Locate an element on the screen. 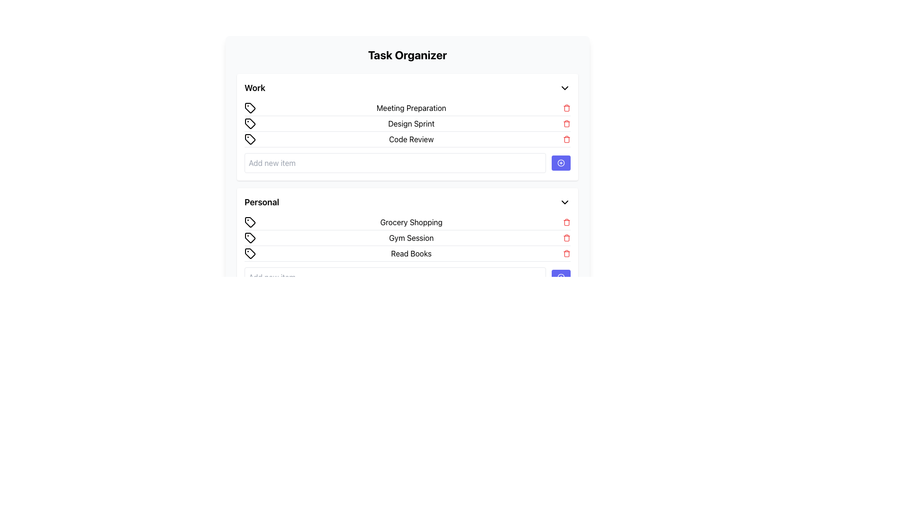 Image resolution: width=910 pixels, height=512 pixels. and drop the text input field and button in the 'Personal' section of the task management interface is located at coordinates (407, 277).